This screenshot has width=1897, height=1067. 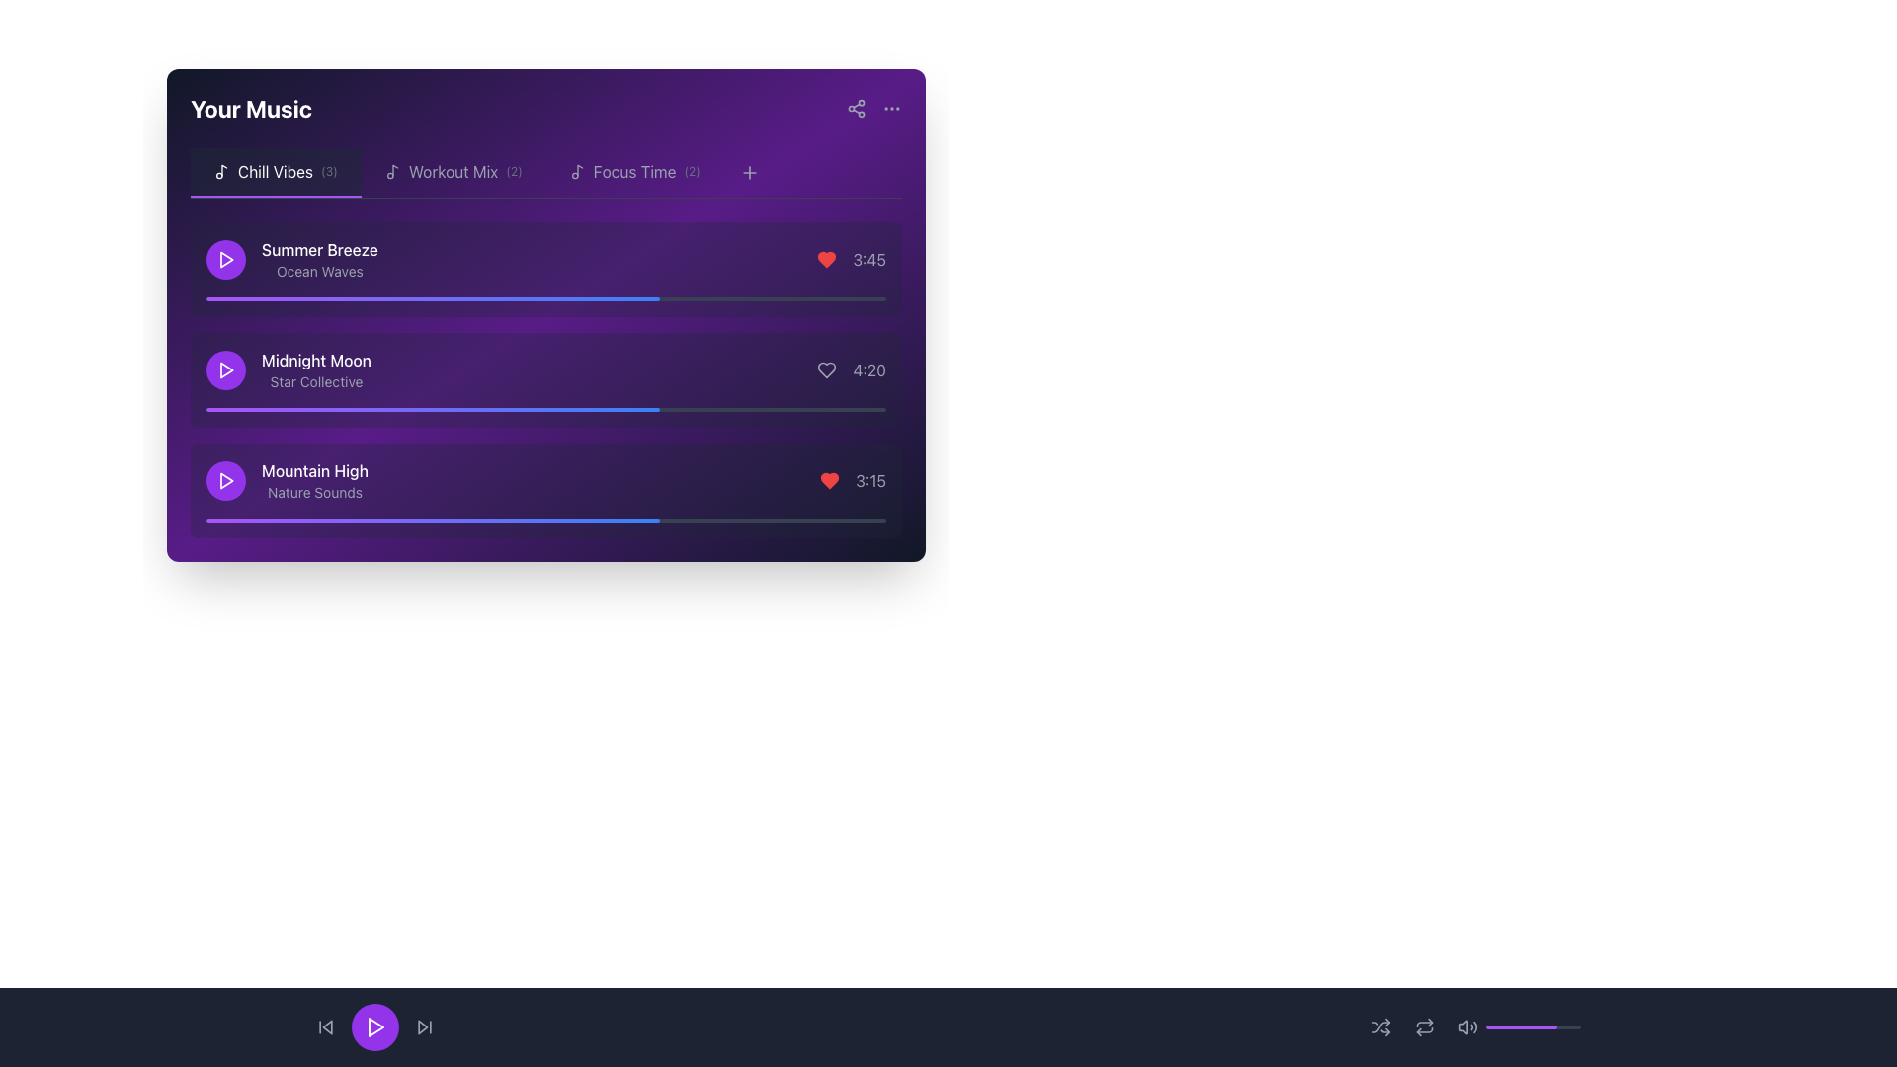 What do you see at coordinates (748, 171) in the screenshot?
I see `the Plus Symbol icon located in the top-right corner of the 'Your Music' panel to trigger a tooltip or visual response` at bounding box center [748, 171].